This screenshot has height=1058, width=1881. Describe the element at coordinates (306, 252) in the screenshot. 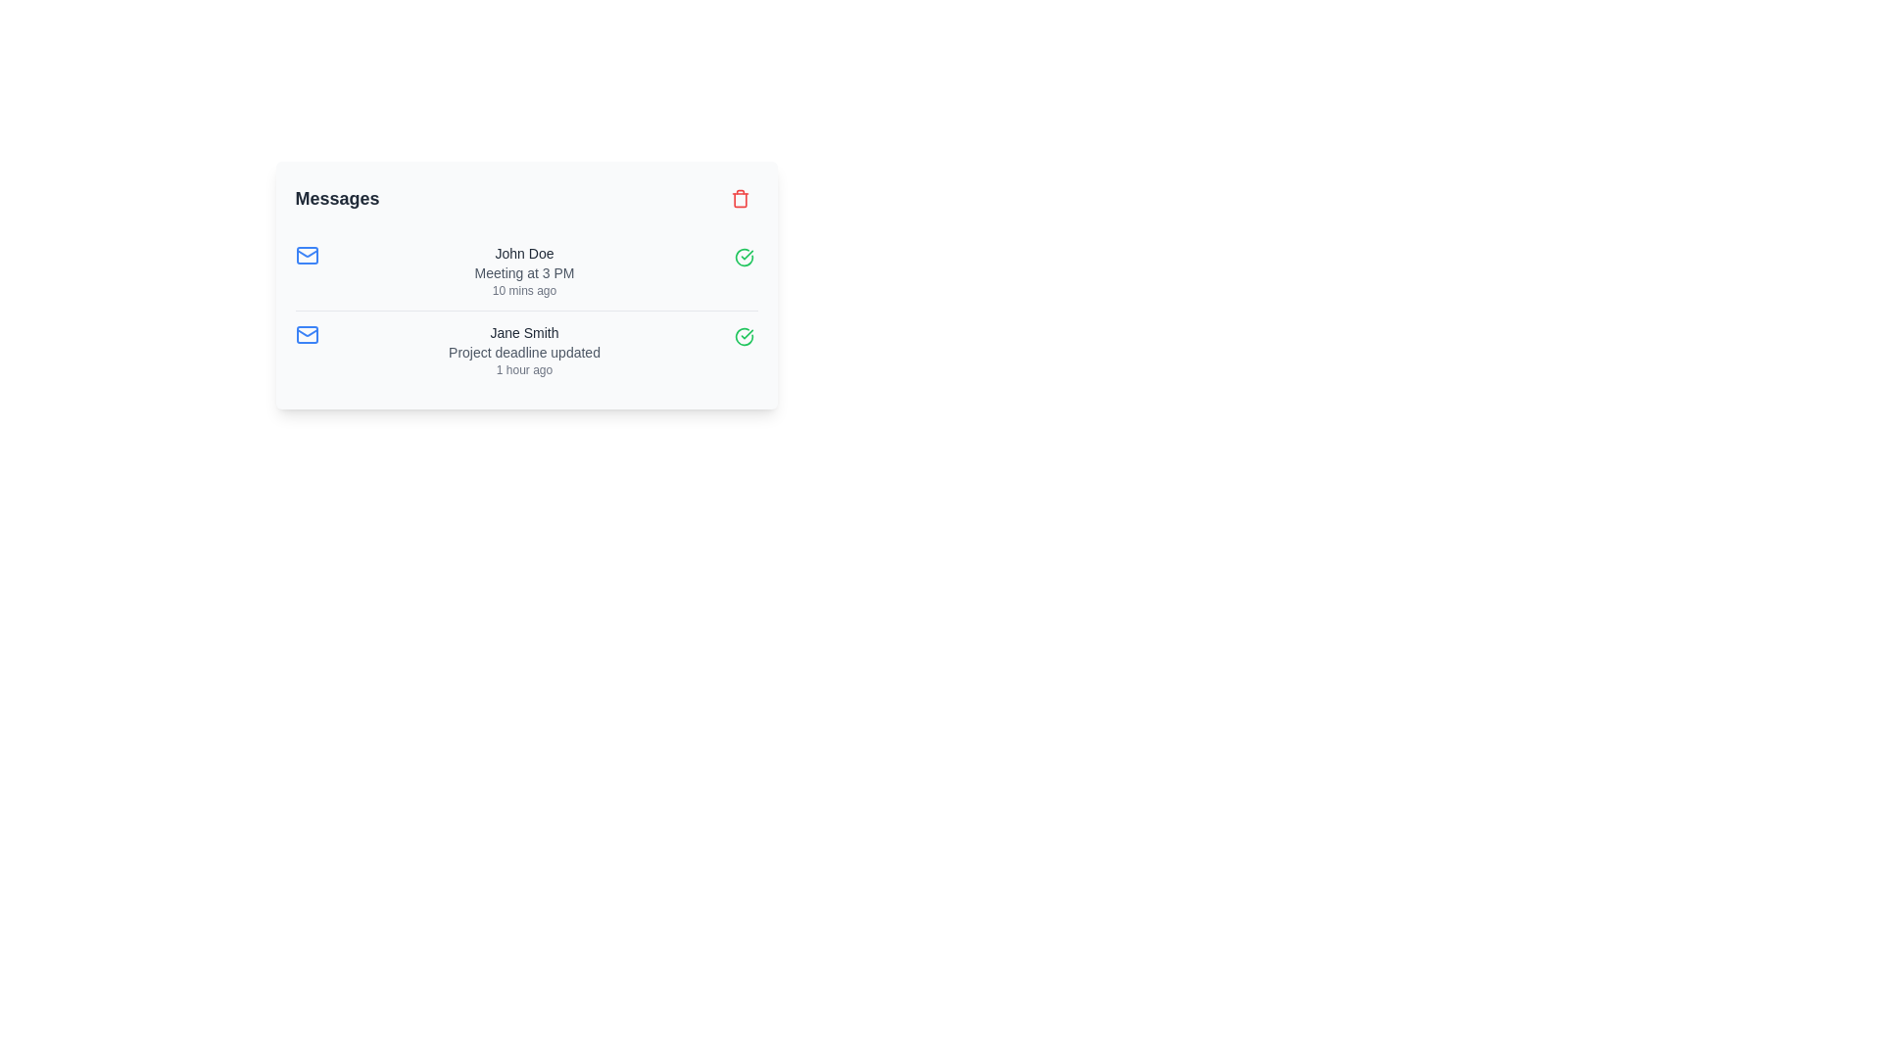

I see `SVG properties of the triangular dashed line representing the open flap of the envelope icon, located on the left side of the 'Jane Smith' message entry in the 'Messages' section` at that location.